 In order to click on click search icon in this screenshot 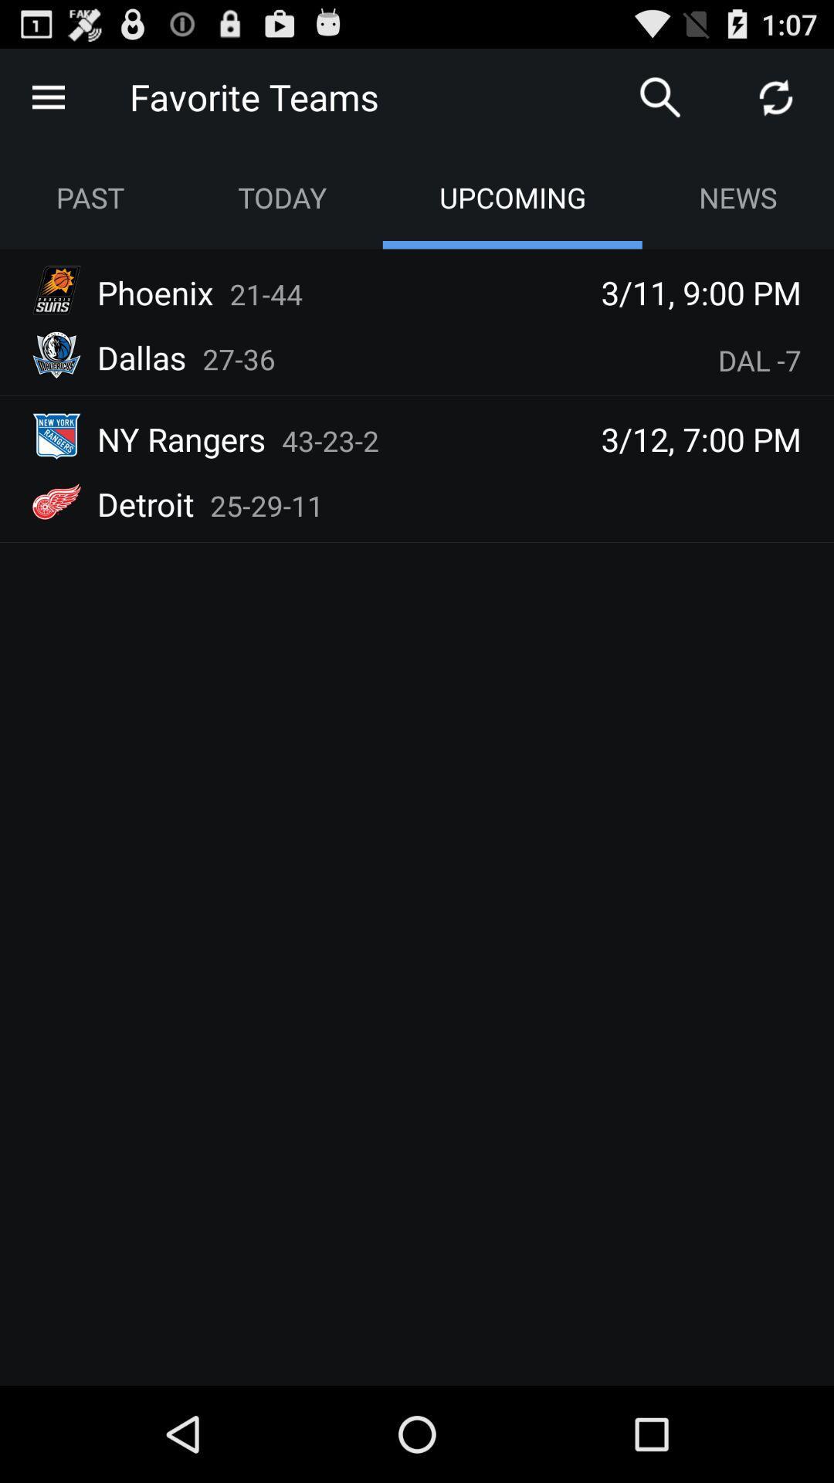, I will do `click(660, 96)`.